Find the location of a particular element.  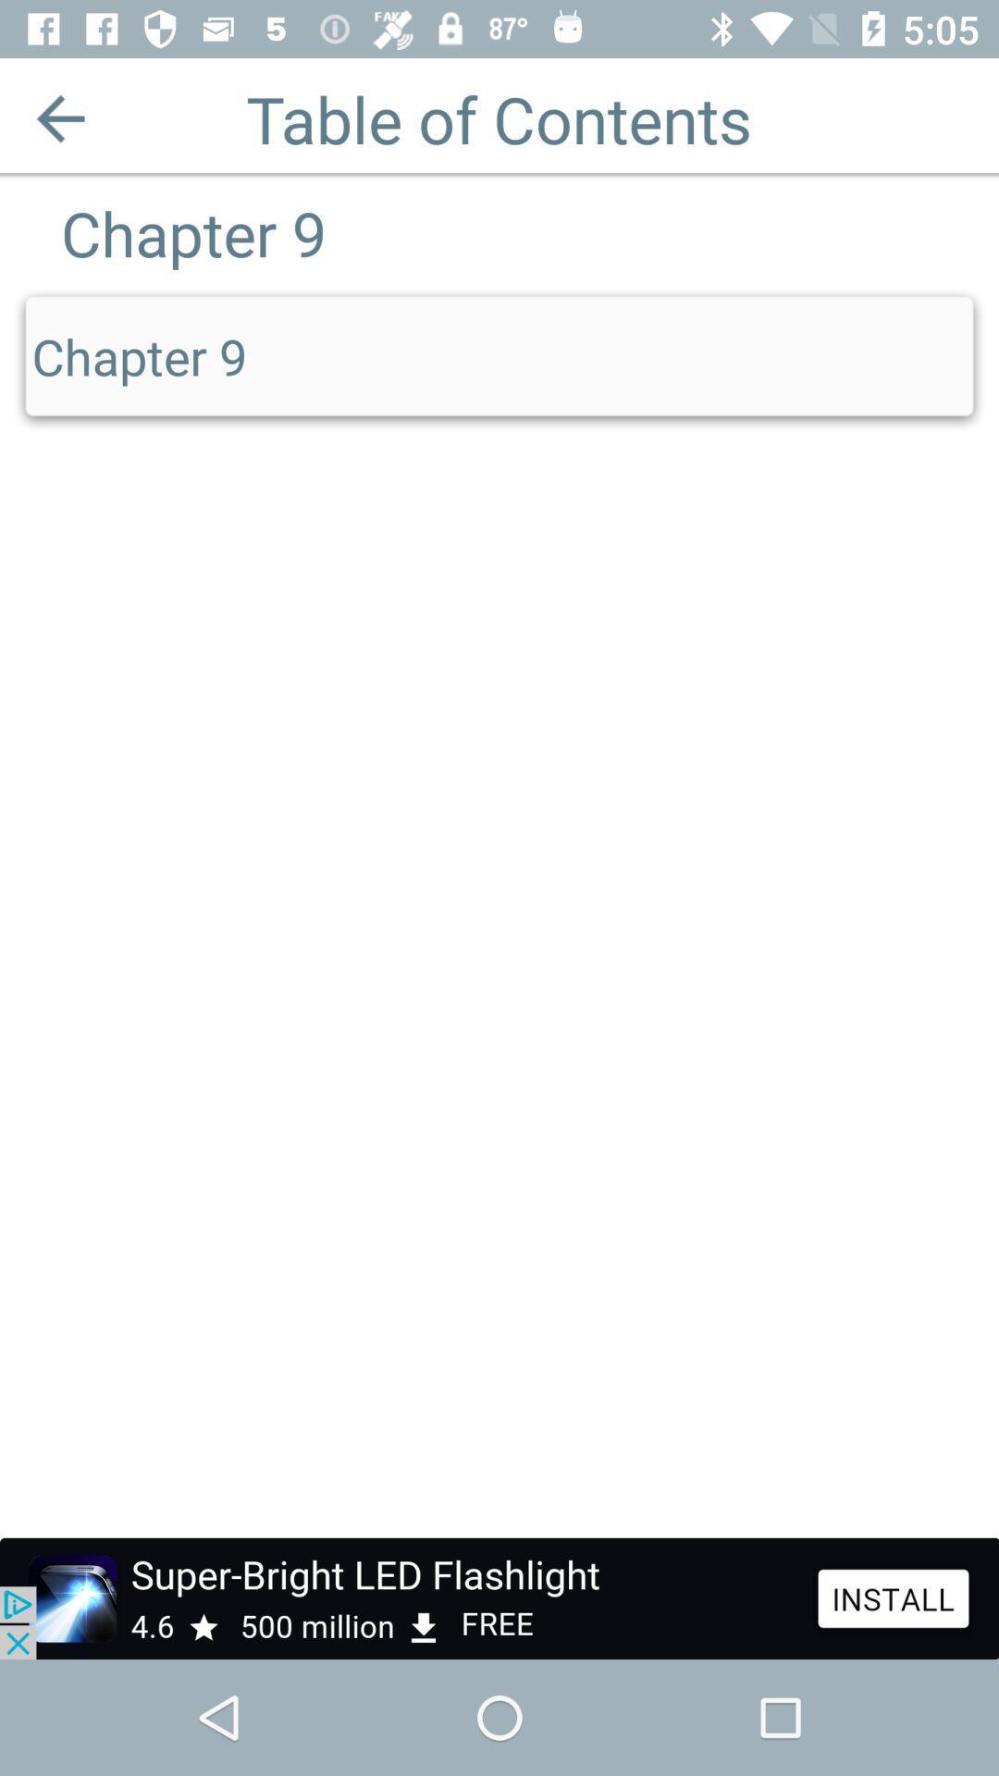

advertisement is located at coordinates (499, 1597).